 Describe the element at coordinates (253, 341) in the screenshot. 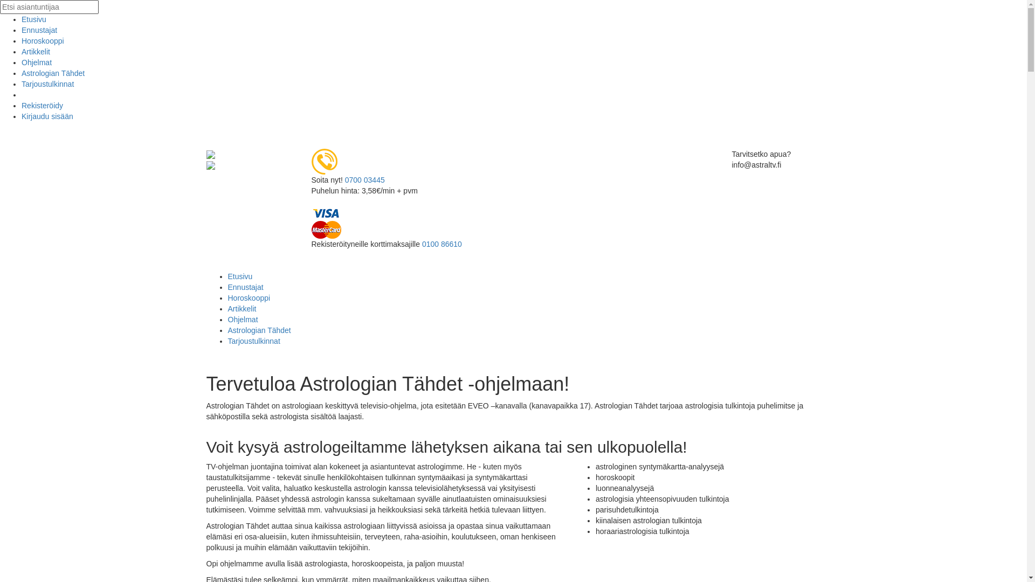

I see `'Tarjoustulkinnat'` at that location.